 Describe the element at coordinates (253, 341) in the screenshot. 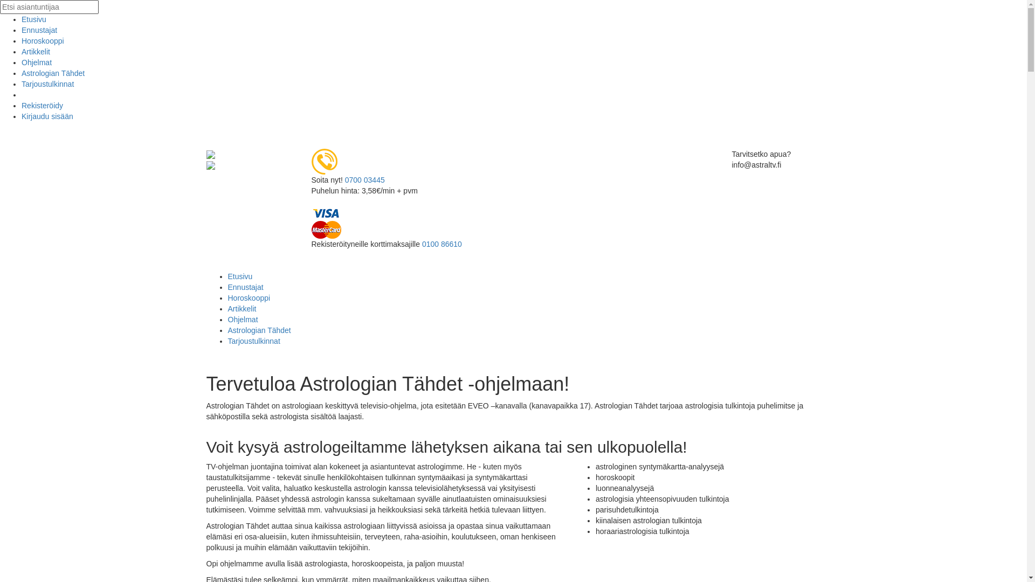

I see `'Tarjoustulkinnat'` at that location.